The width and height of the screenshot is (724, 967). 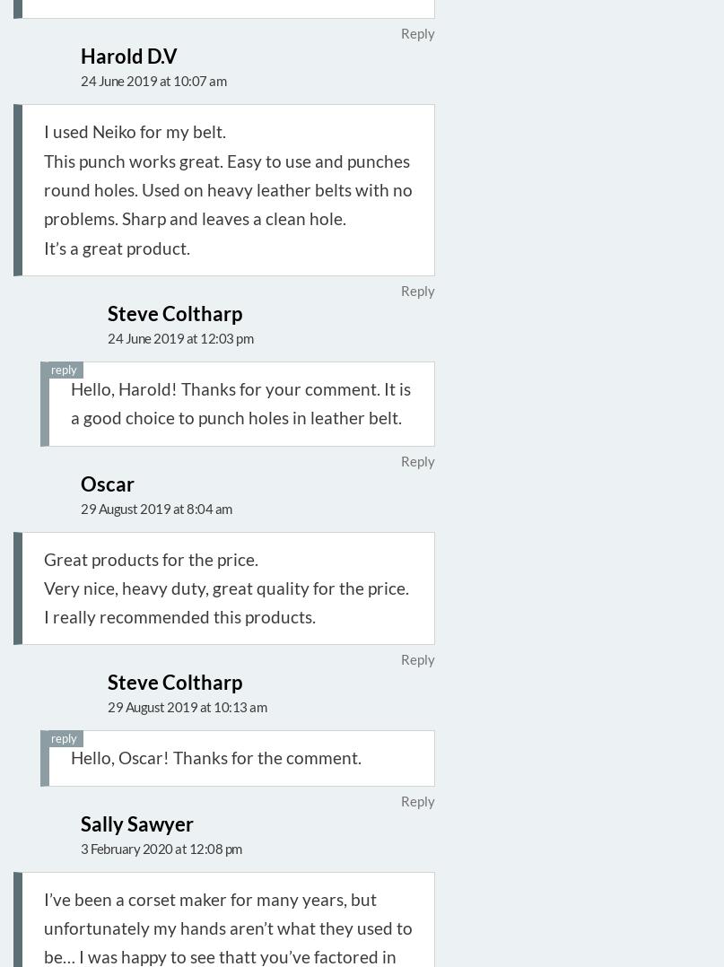 What do you see at coordinates (240, 402) in the screenshot?
I see `'Hello, Harold! Thanks for your comment. It is a good choice to punch holes in leather belt.'` at bounding box center [240, 402].